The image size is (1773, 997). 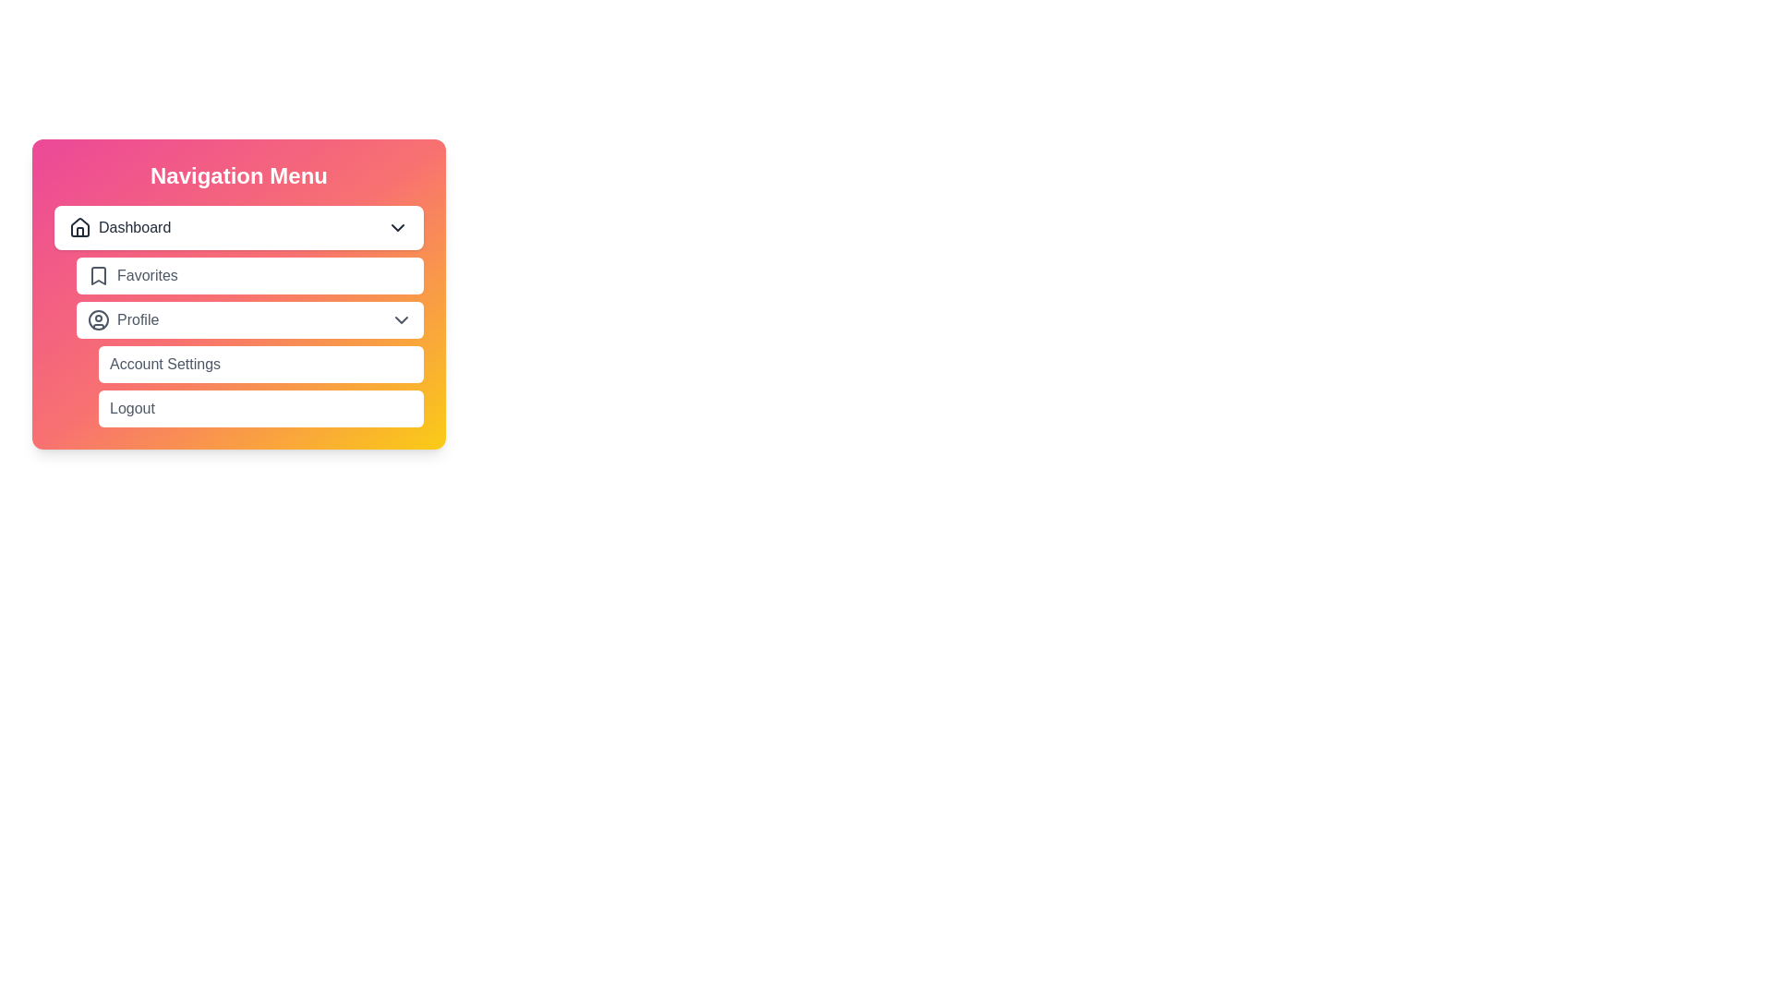 What do you see at coordinates (260, 408) in the screenshot?
I see `the 'Logout' button located below the 'Account Settings' button in the vertical navigation menu to sign out of the account` at bounding box center [260, 408].